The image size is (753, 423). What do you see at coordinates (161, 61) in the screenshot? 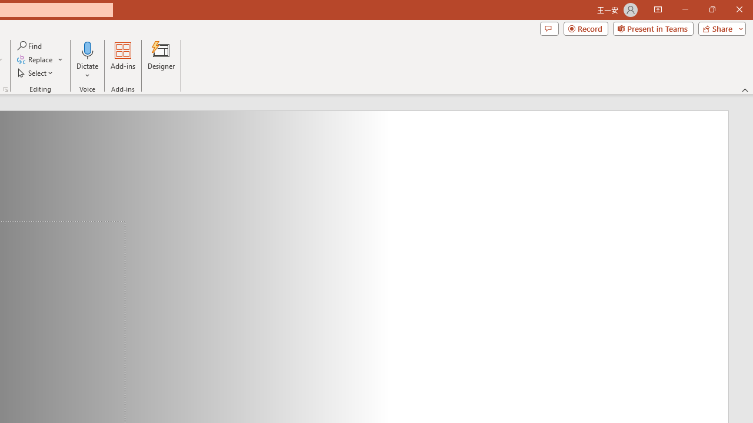
I see `'Designer'` at bounding box center [161, 61].